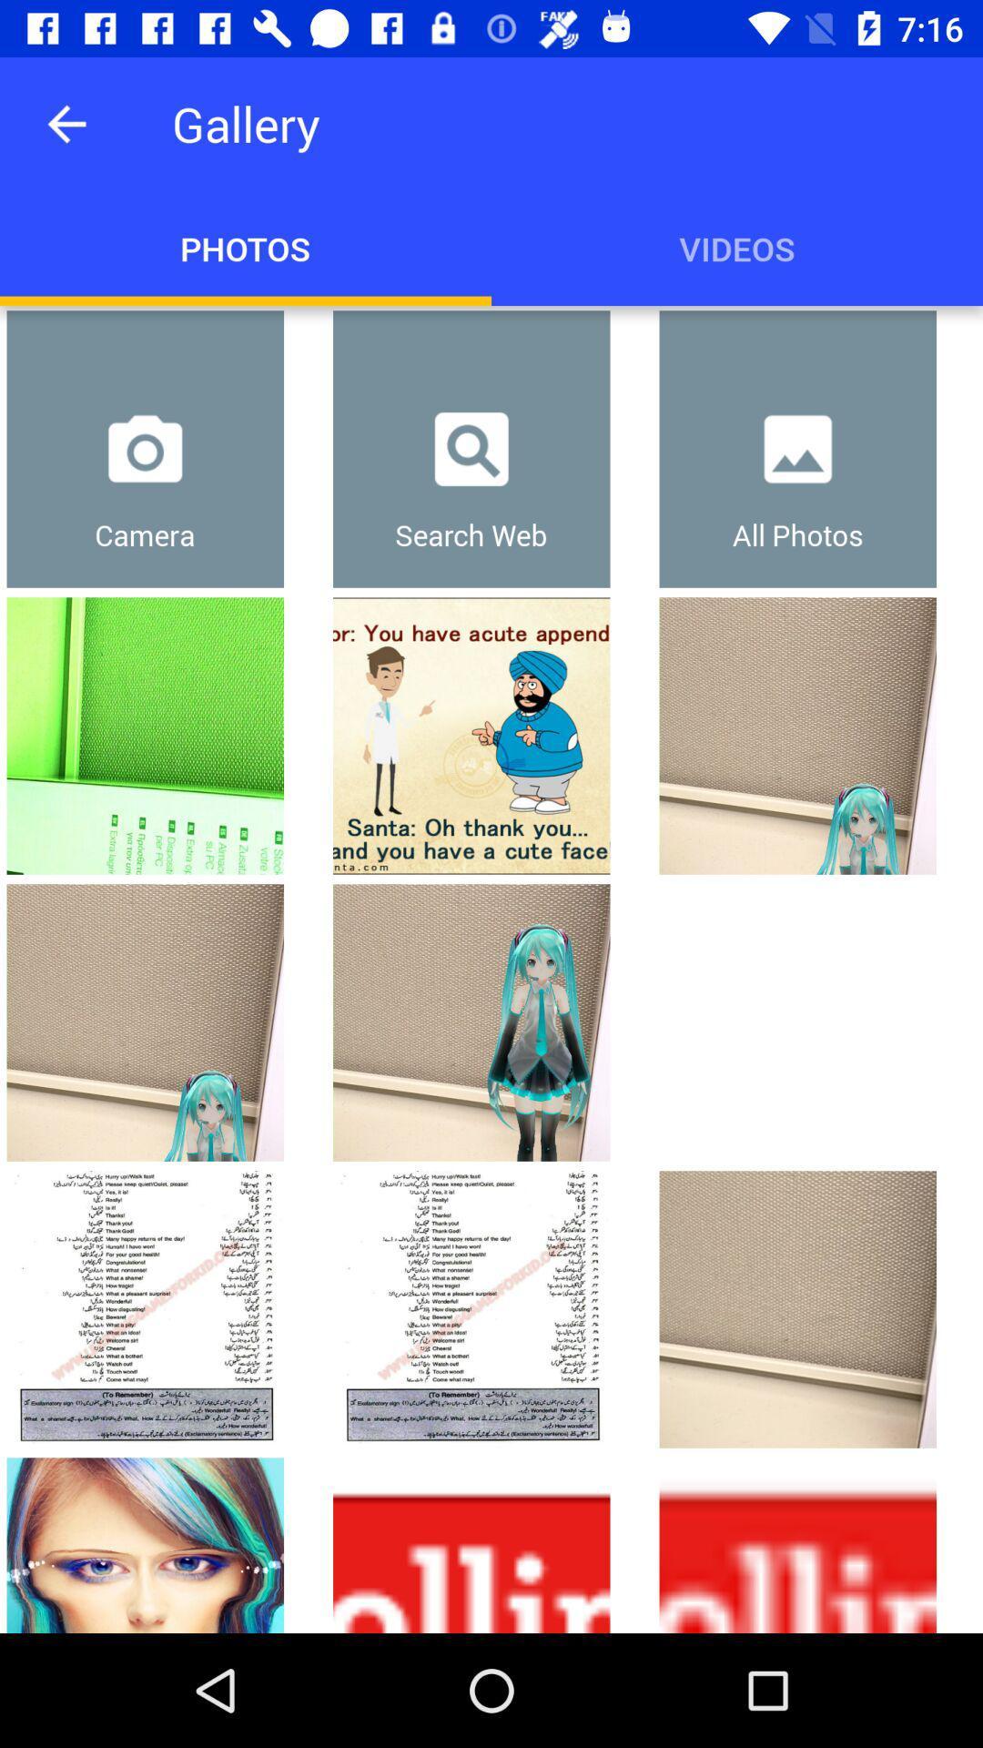 This screenshot has width=983, height=1748. I want to click on image which is at bottom left, so click(144, 1544).